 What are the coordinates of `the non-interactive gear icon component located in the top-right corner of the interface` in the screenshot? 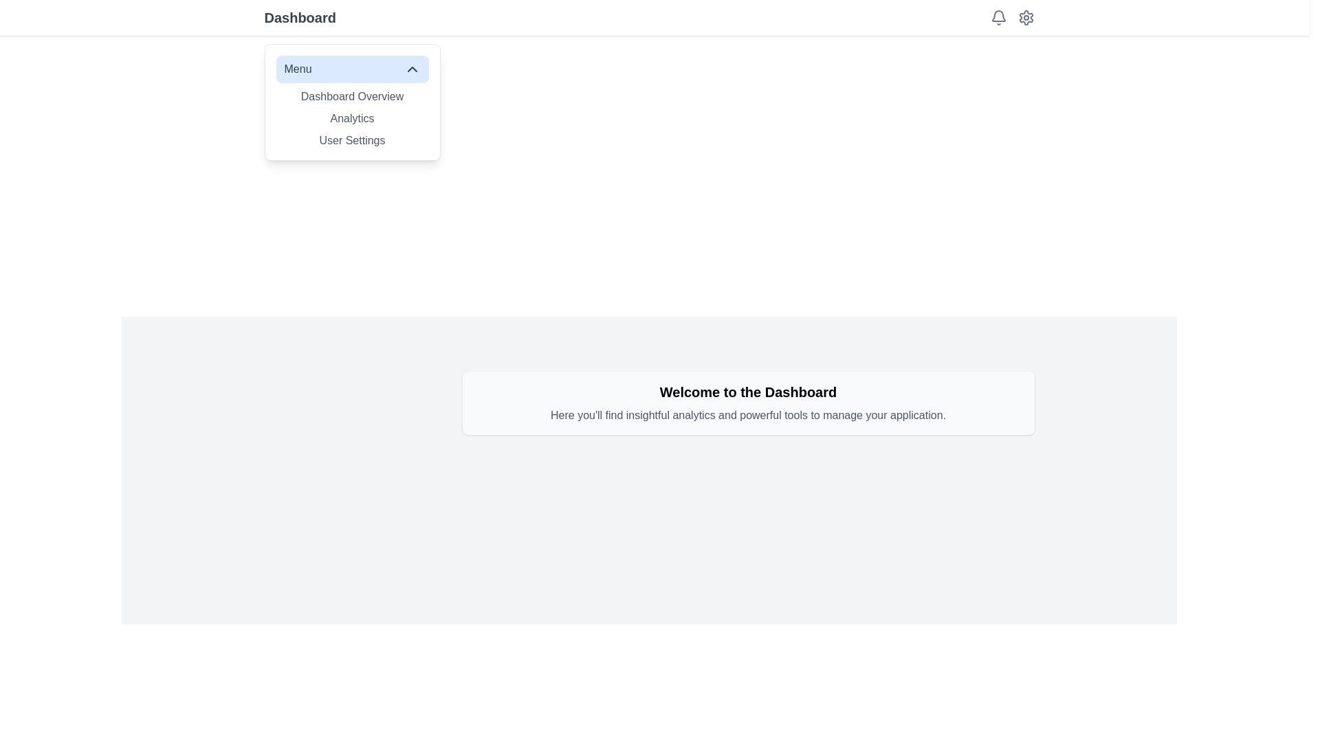 It's located at (1026, 18).